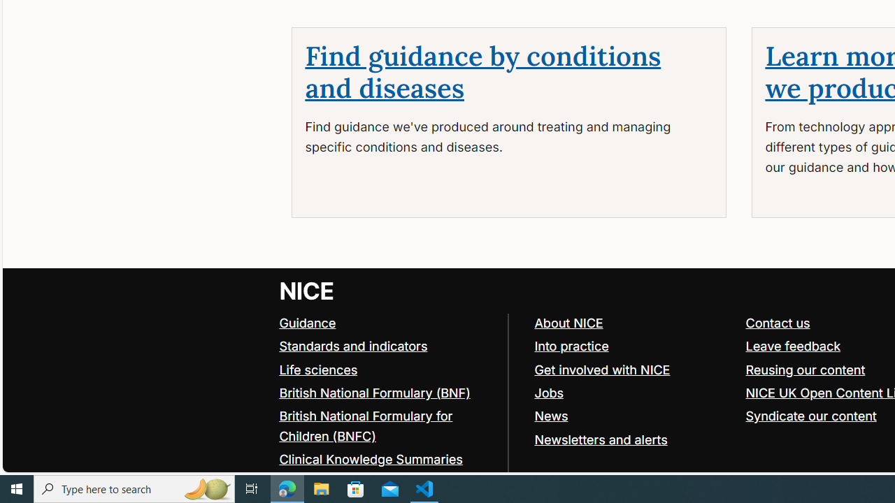  Describe the element at coordinates (777, 322) in the screenshot. I see `'Contact us'` at that location.